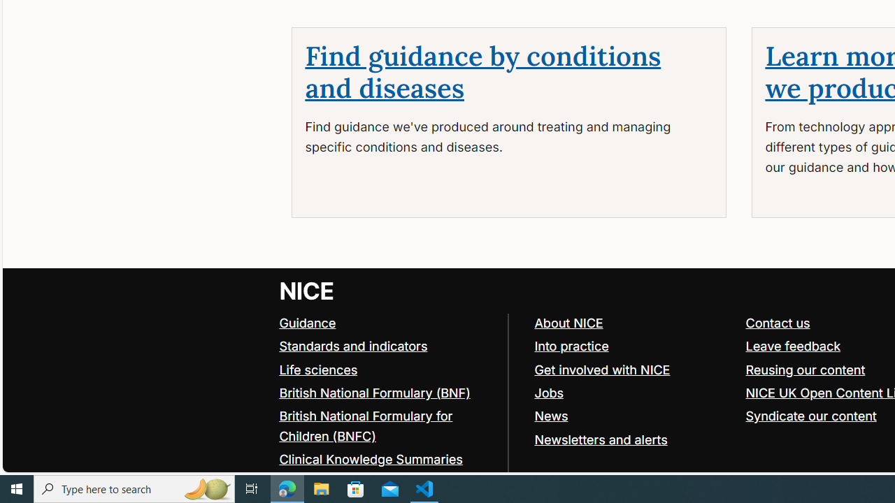  Describe the element at coordinates (777, 322) in the screenshot. I see `'Contact us'` at that location.